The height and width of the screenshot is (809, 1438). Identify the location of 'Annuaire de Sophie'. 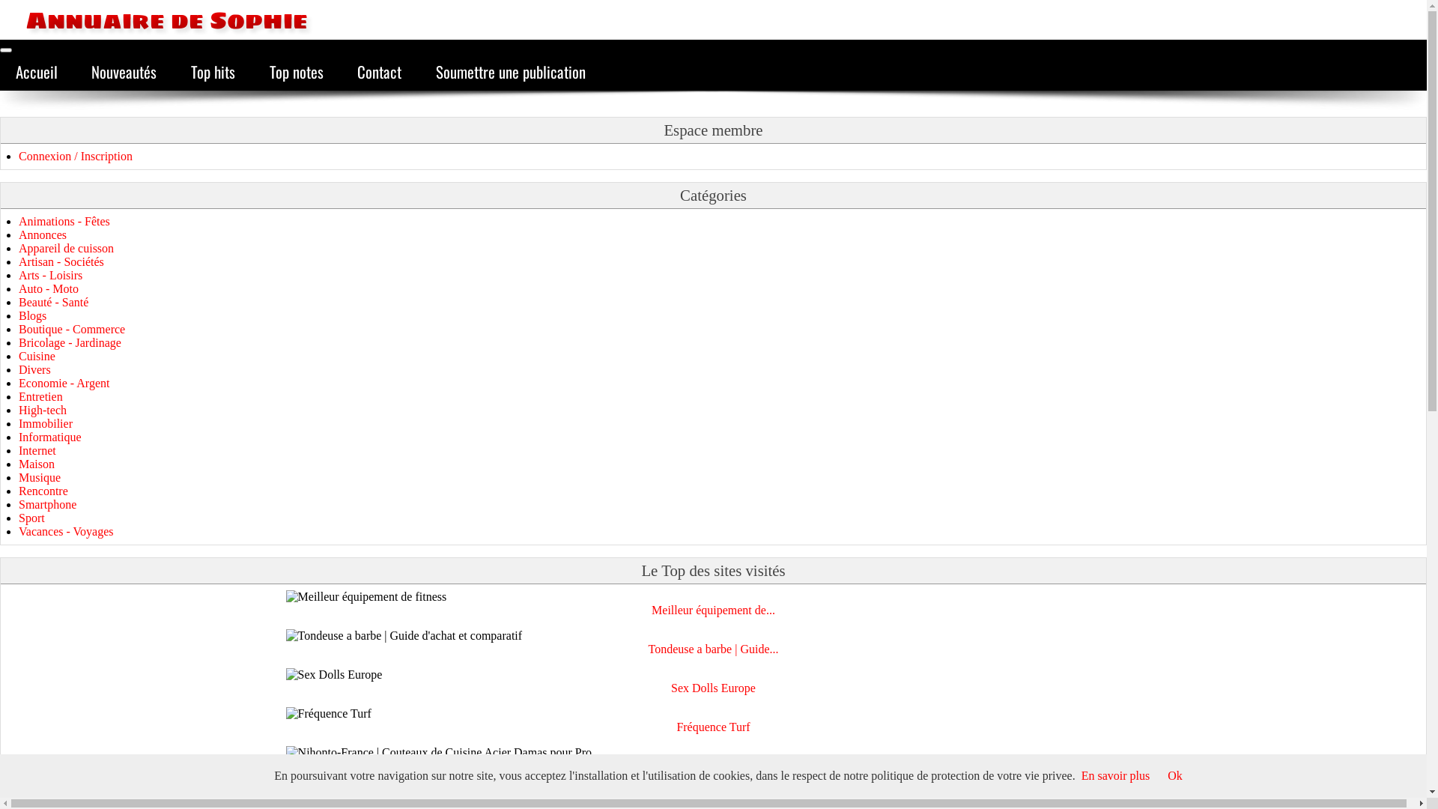
(154, 19).